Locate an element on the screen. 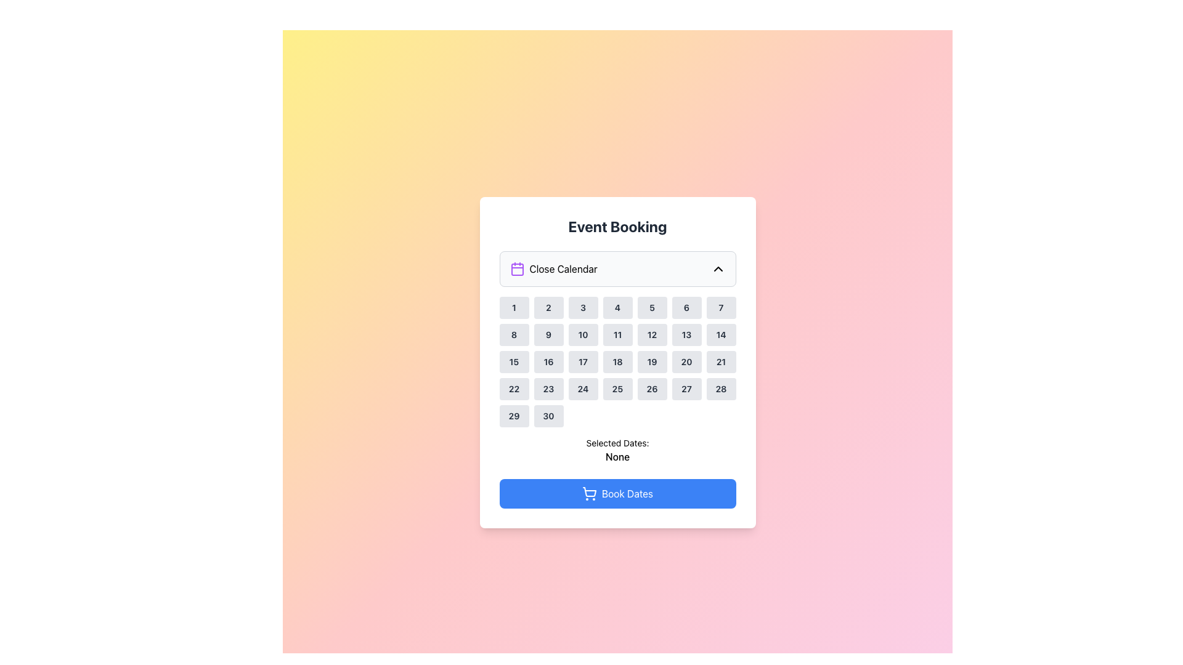 This screenshot has height=665, width=1183. the button displaying the numeral '6' with a light gray background and rounded corners, located in the first row of a grid beneath 'Event Booking' and 'Close Calendar' is located at coordinates (686, 307).